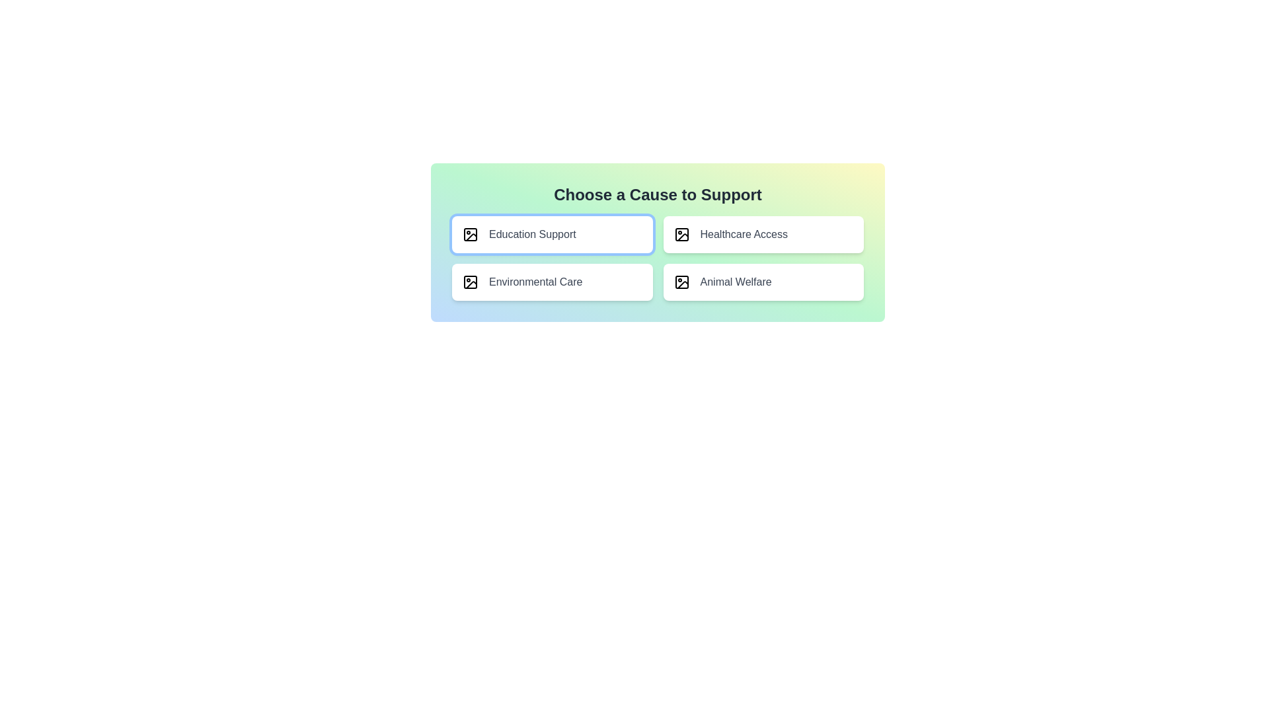 The width and height of the screenshot is (1269, 714). I want to click on the 'Animal Welfare' text label which is styled in medium font size and gray color, located in the bottom-right cell of a 2x2 grid layout, beneath 'Healthcare Access' and, so click(735, 282).